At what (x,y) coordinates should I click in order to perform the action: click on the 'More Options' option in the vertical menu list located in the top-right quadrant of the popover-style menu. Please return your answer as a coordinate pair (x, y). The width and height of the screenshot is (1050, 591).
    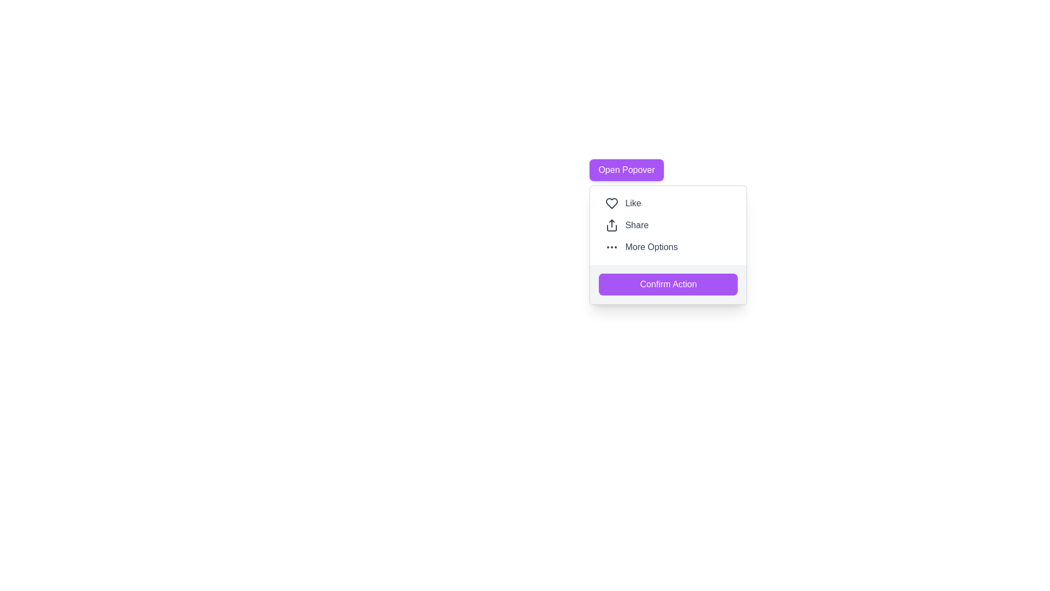
    Looking at the image, I should click on (668, 225).